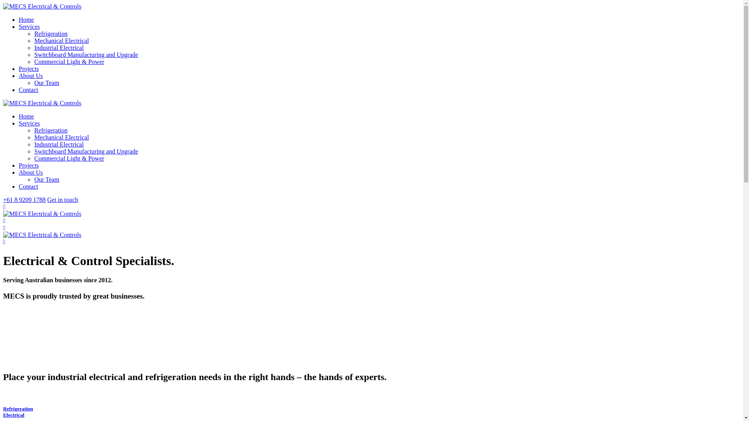 This screenshot has height=421, width=749. Describe the element at coordinates (50, 130) in the screenshot. I see `'Refrigeration'` at that location.